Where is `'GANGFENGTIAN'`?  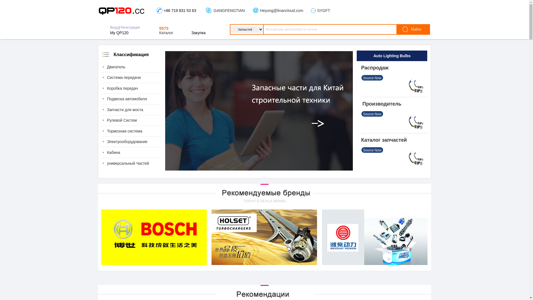 'GANGFENGTIAN' is located at coordinates (213, 11).